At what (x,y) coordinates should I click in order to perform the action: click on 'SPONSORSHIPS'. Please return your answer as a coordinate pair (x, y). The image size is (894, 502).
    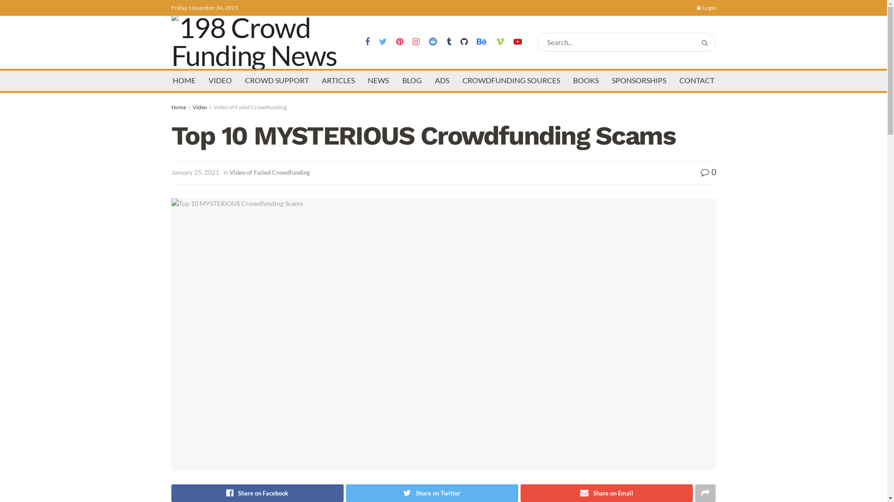
    Looking at the image, I should click on (638, 79).